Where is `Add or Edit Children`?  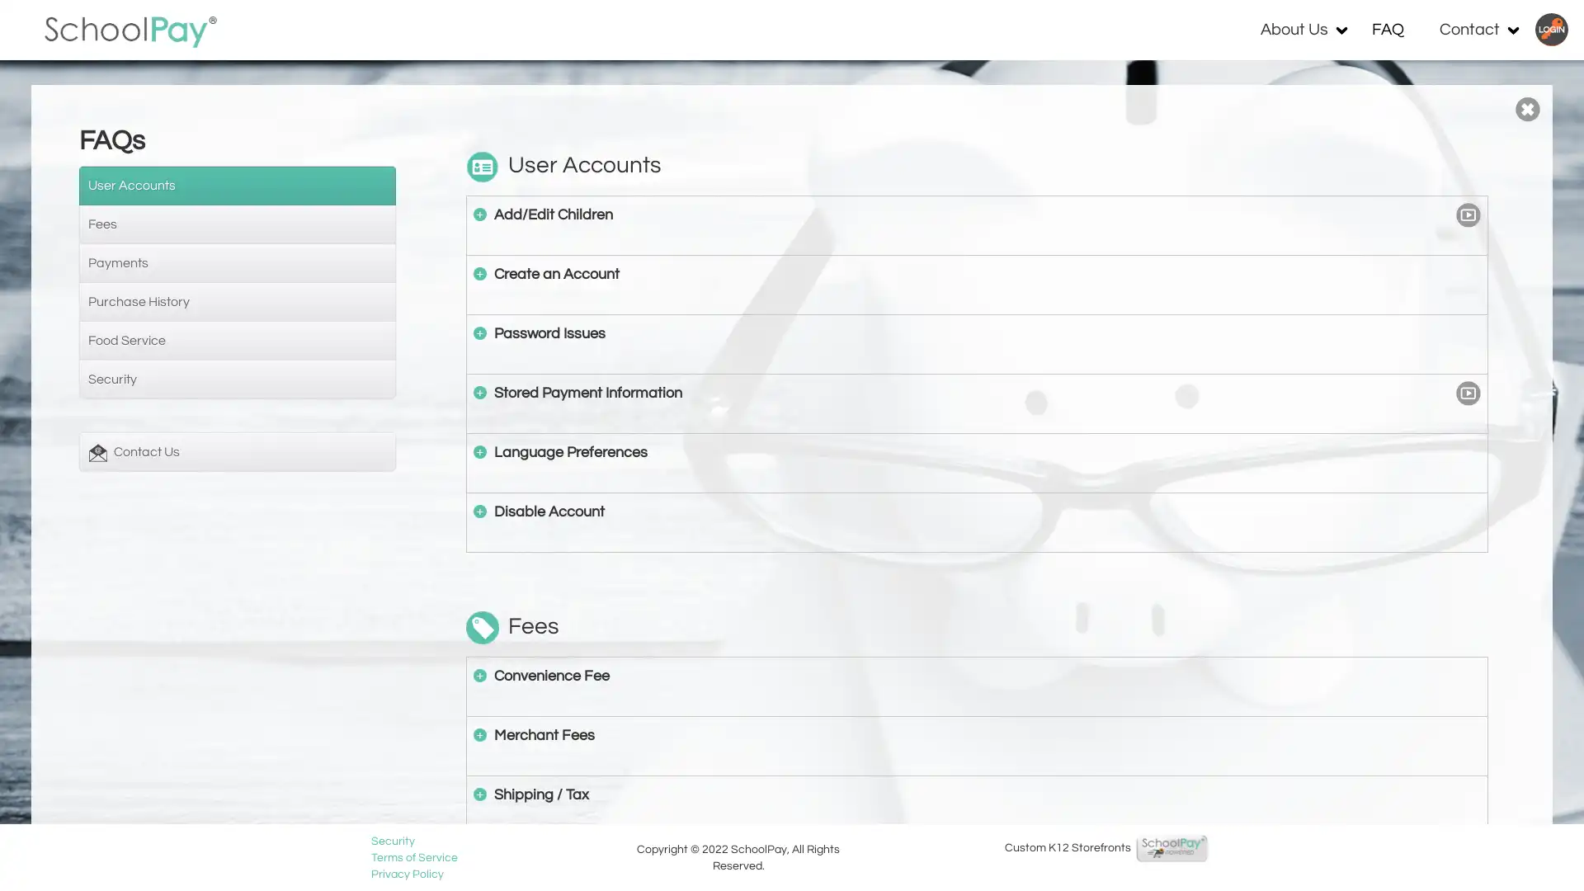 Add or Edit Children is located at coordinates (478, 212).